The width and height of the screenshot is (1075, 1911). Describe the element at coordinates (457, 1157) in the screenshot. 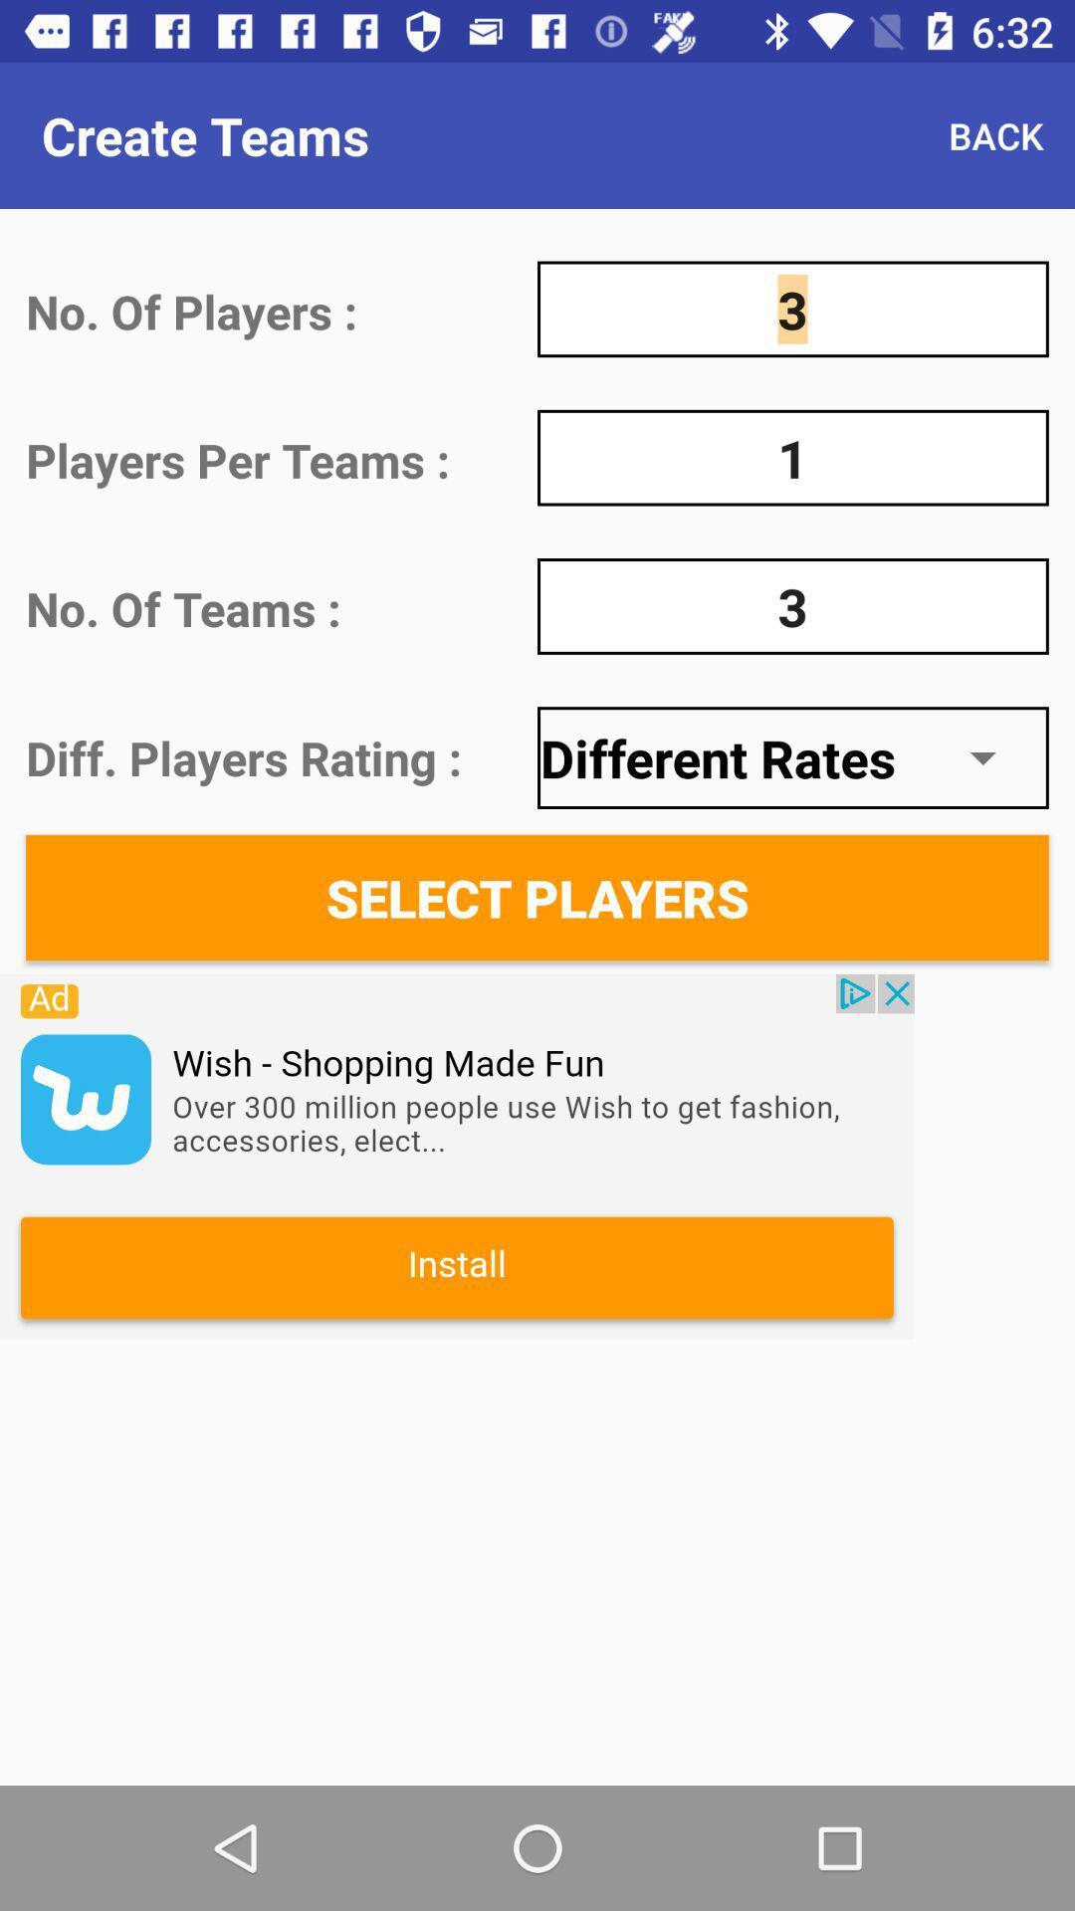

I see `advertising partner` at that location.